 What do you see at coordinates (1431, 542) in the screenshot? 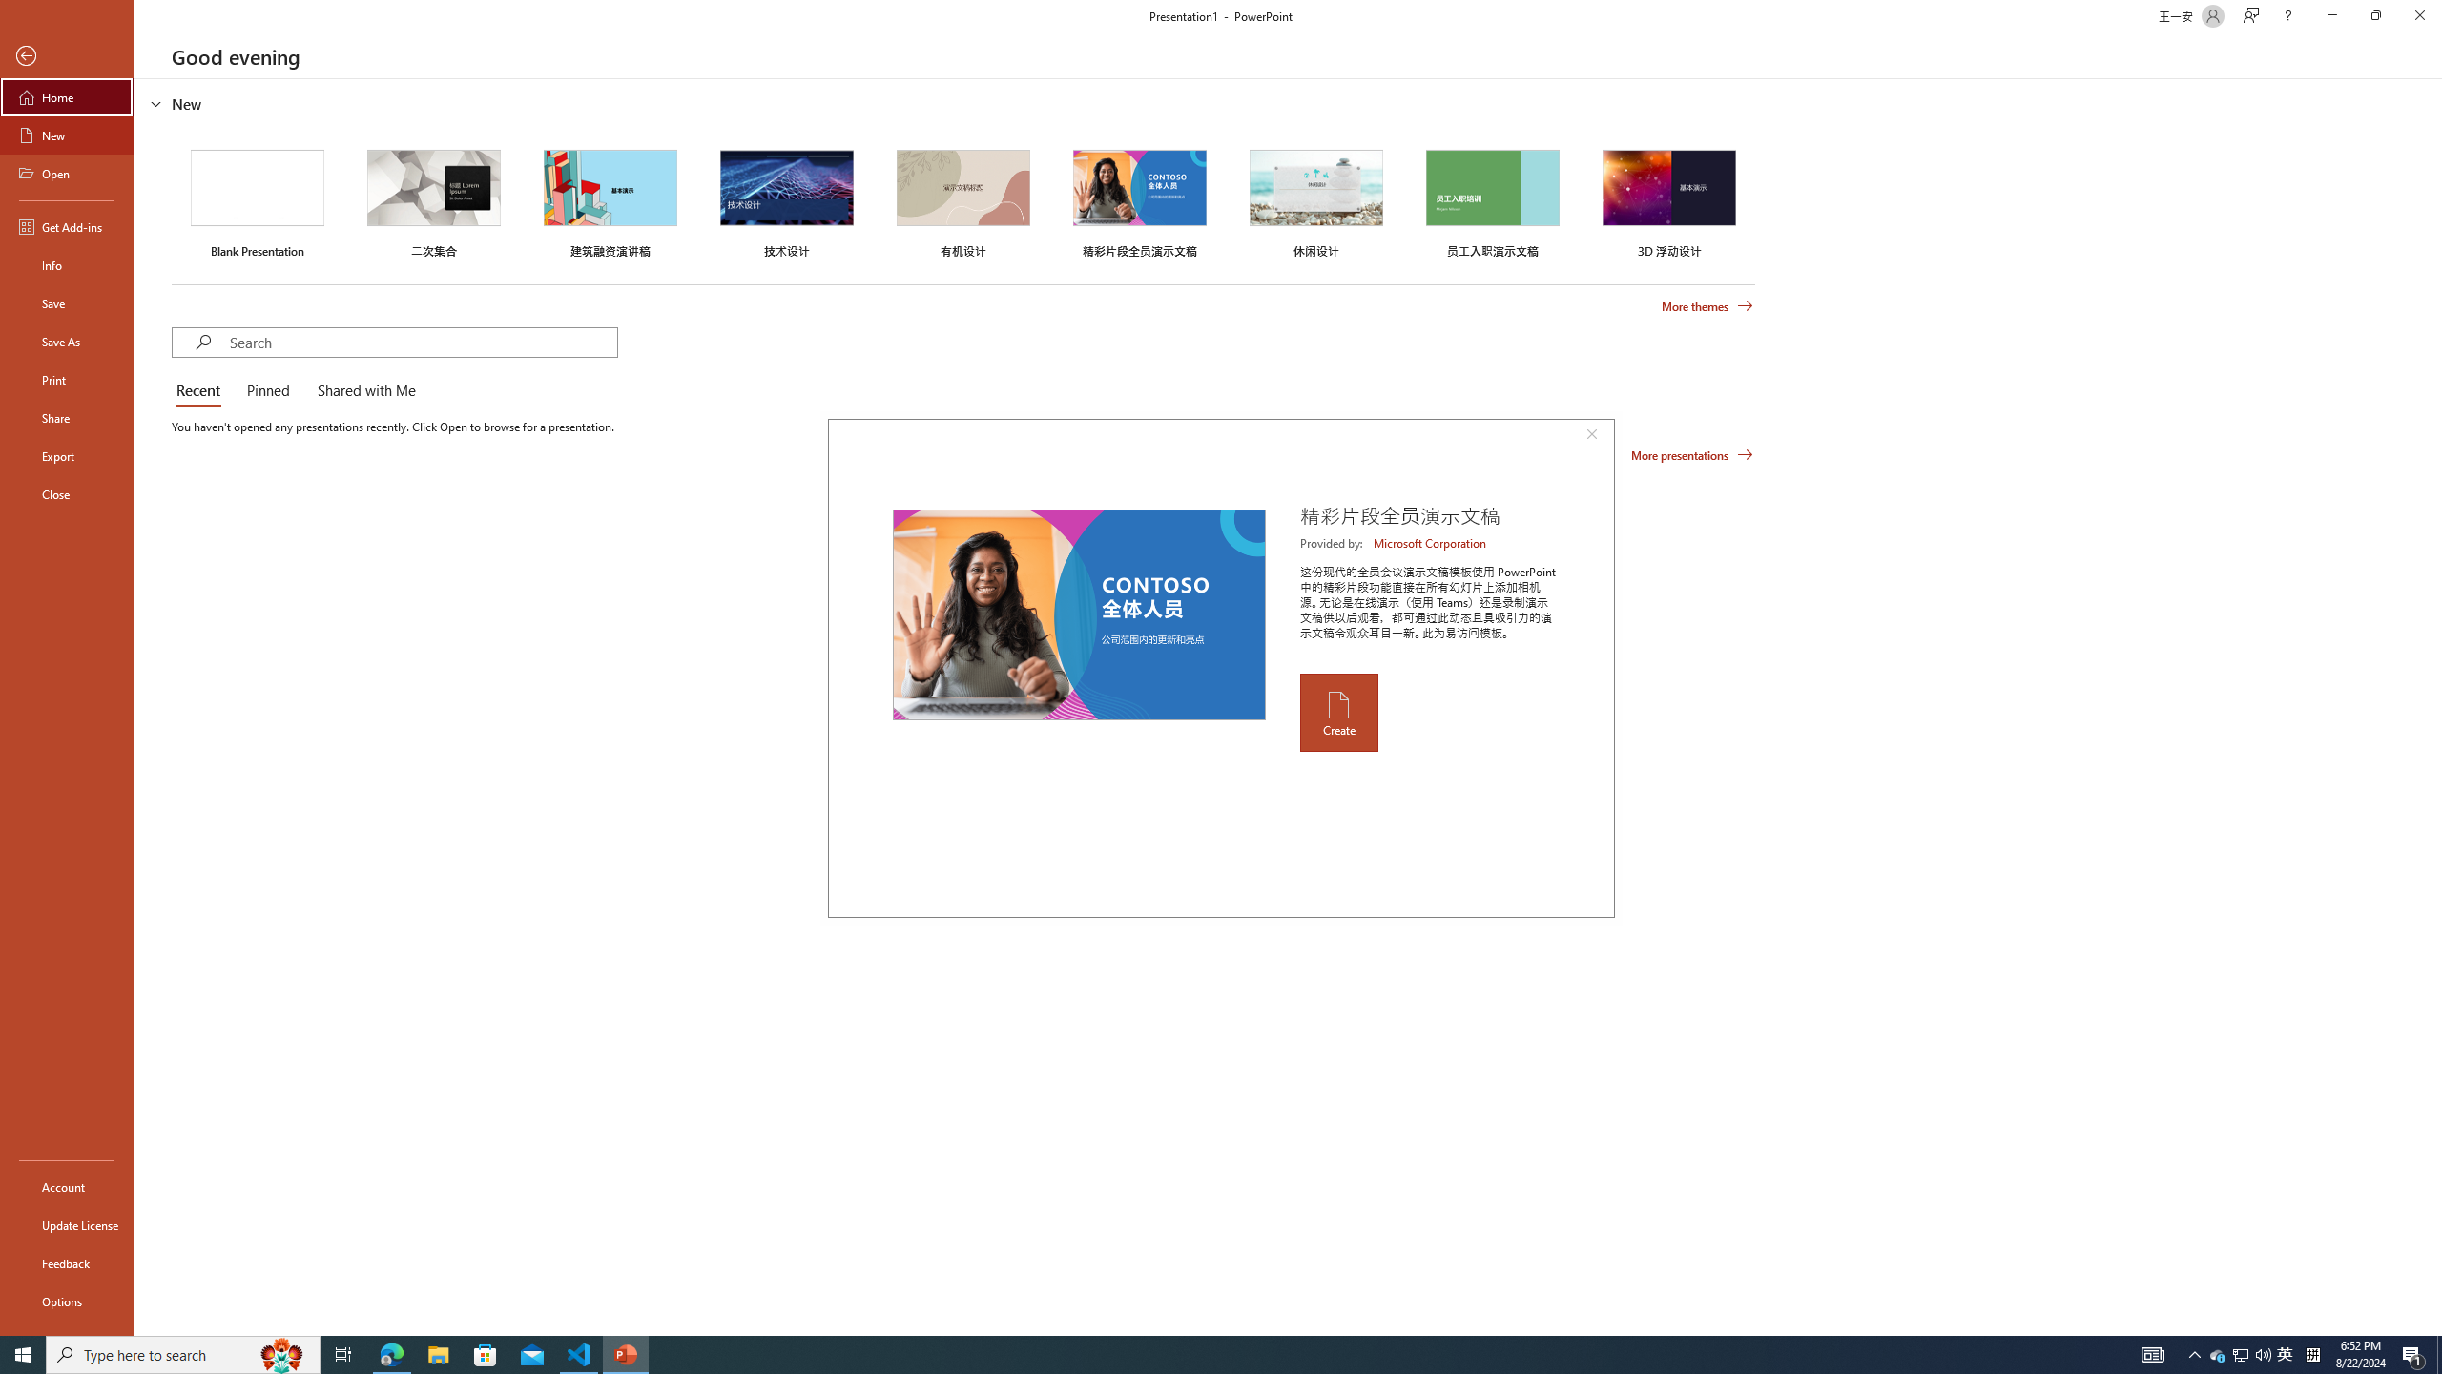
I see `'Microsoft Corporation'` at bounding box center [1431, 542].